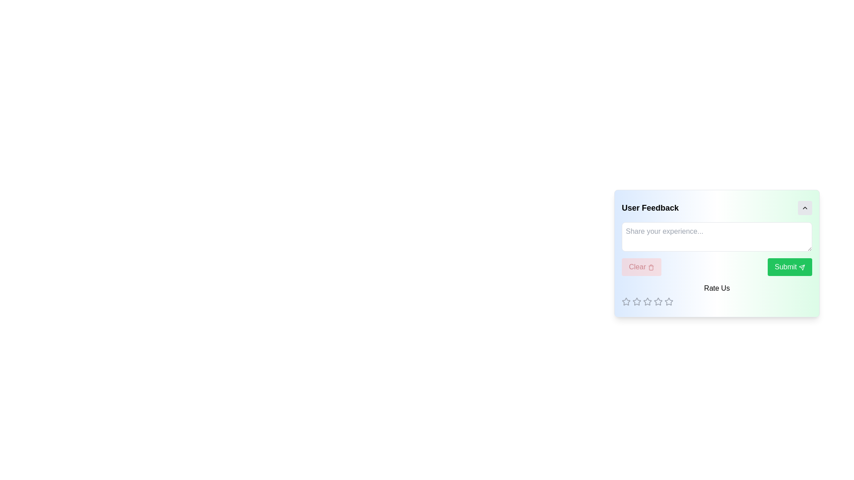 The width and height of the screenshot is (854, 480). I want to click on the leftmost gray star icon with a hollow center, so click(625, 301).